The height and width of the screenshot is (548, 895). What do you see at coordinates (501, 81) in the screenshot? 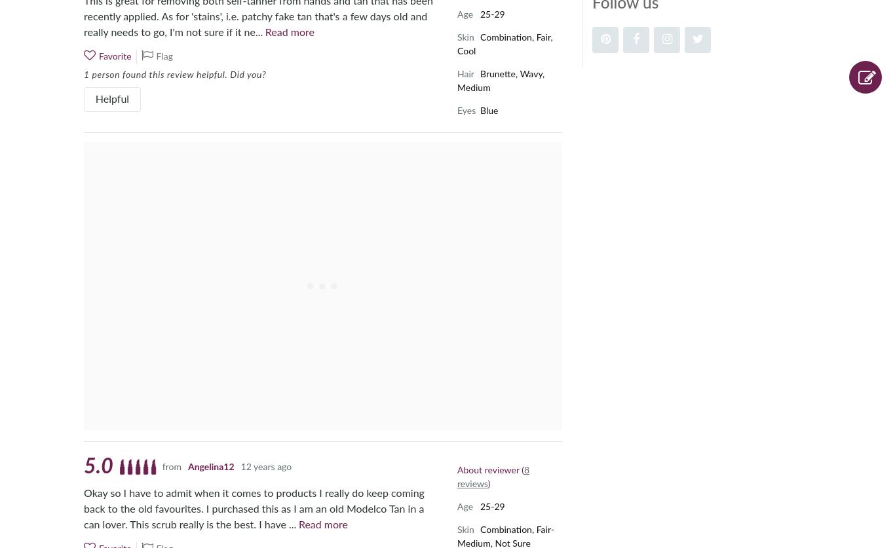
I see `'Brunette, Wavy, Medium'` at bounding box center [501, 81].